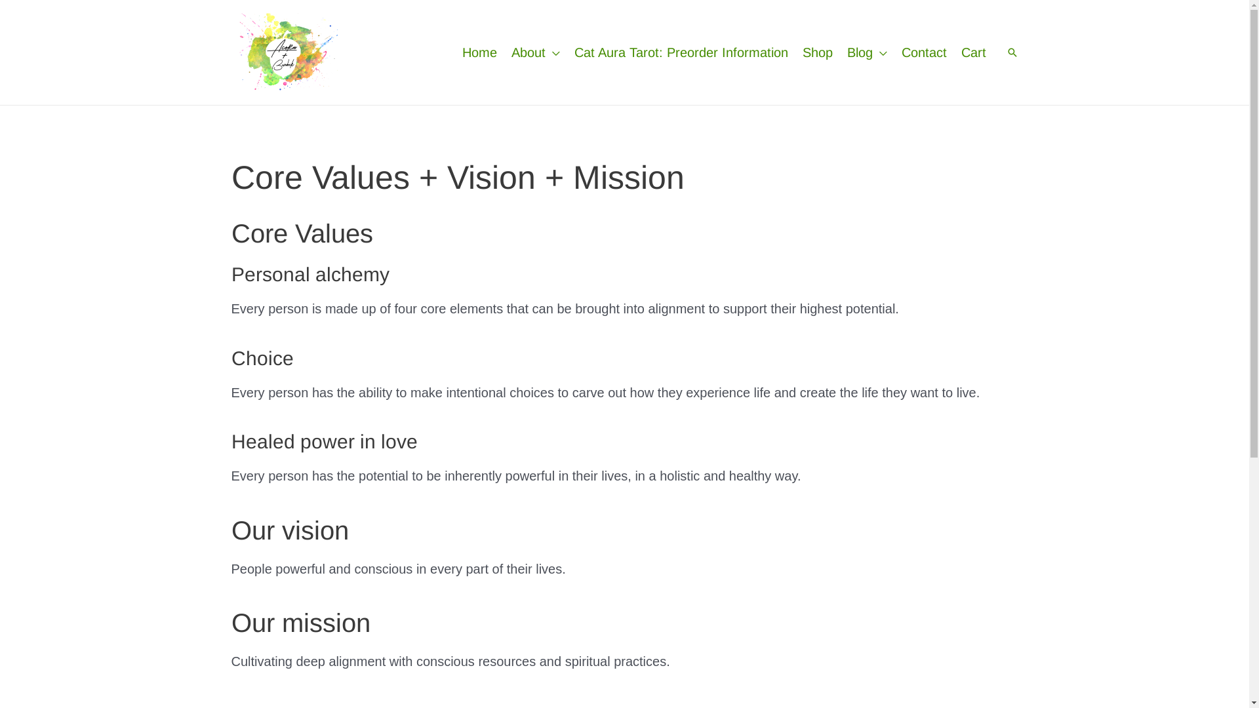  Describe the element at coordinates (816, 52) in the screenshot. I see `'Shop'` at that location.